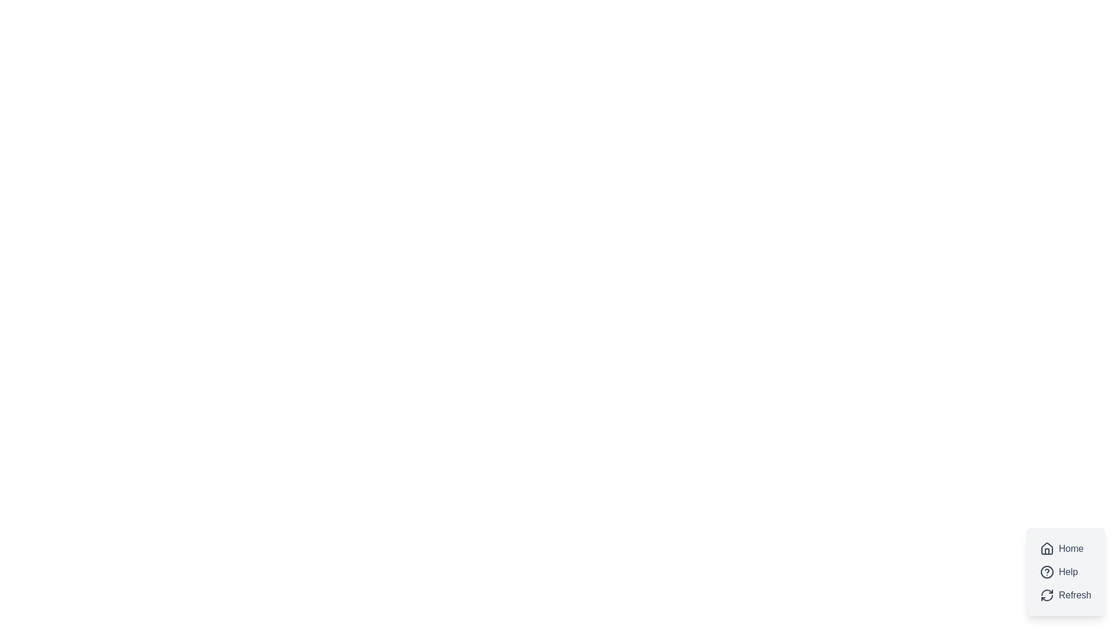  I want to click on the help icon located in the vertical list of options, so click(1047, 571).